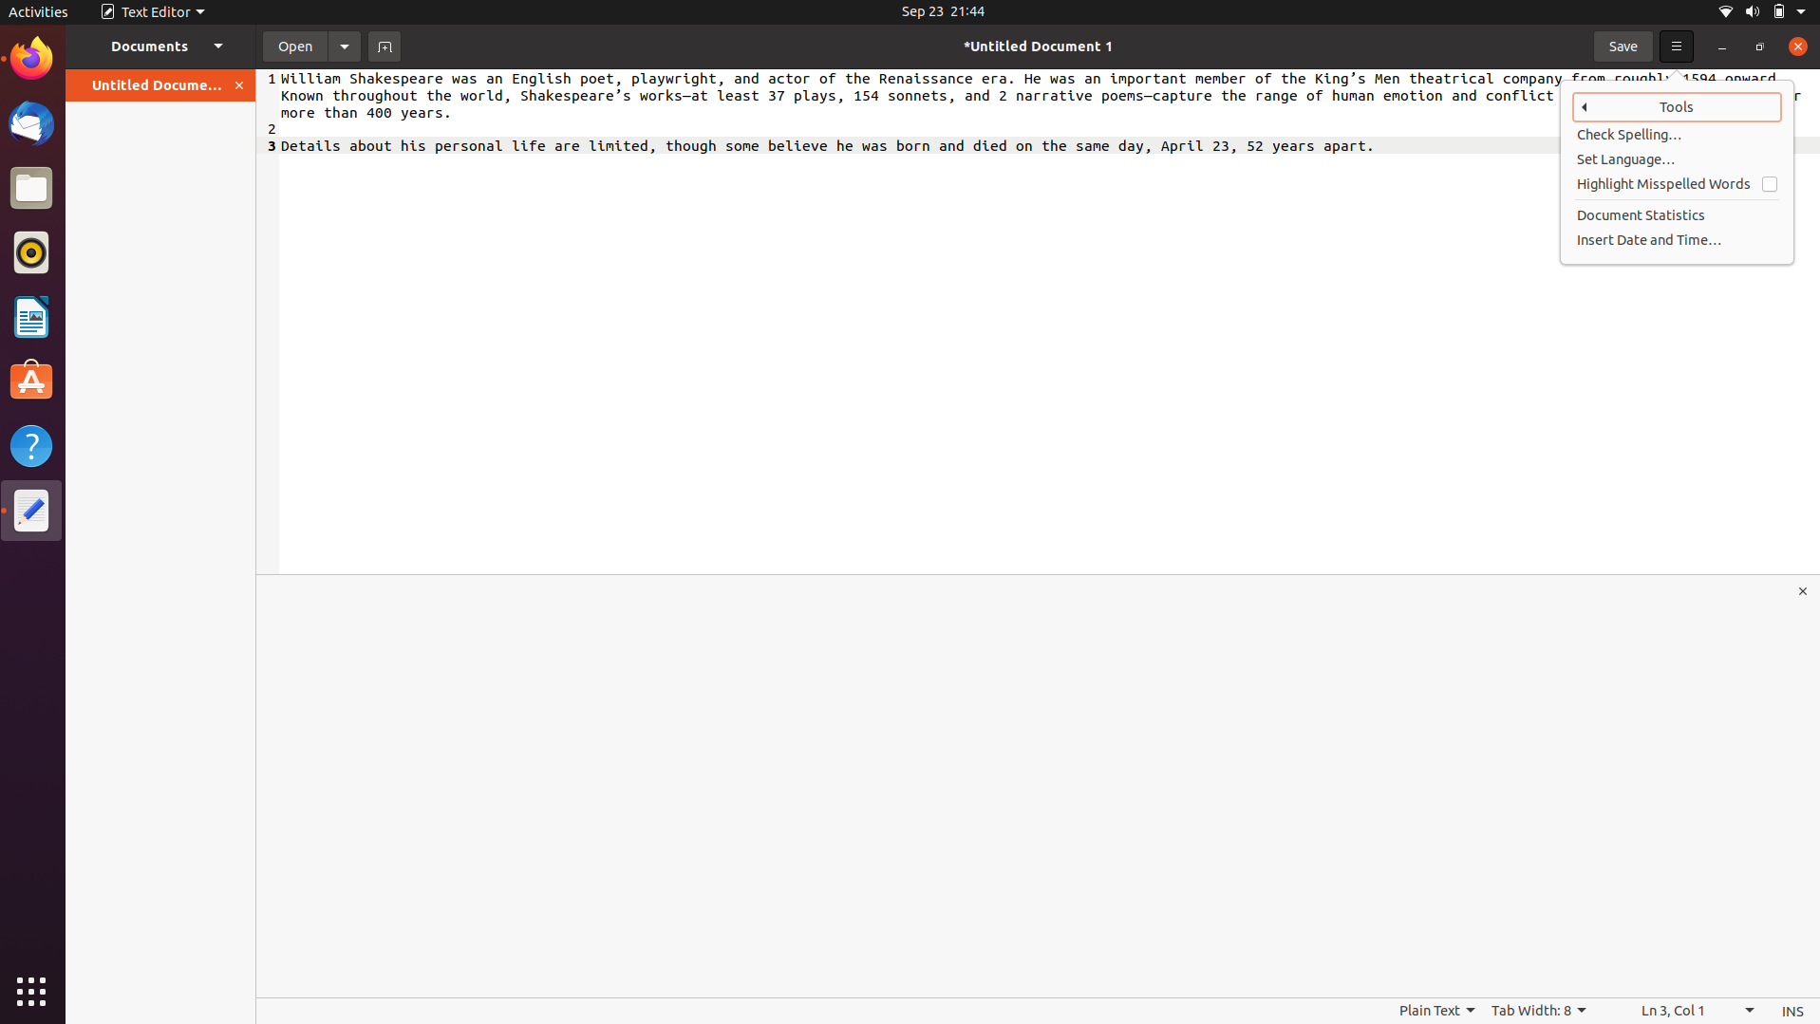 The height and width of the screenshot is (1024, 1820). What do you see at coordinates (239, 84) in the screenshot?
I see `the orange button on the left for closing the document` at bounding box center [239, 84].